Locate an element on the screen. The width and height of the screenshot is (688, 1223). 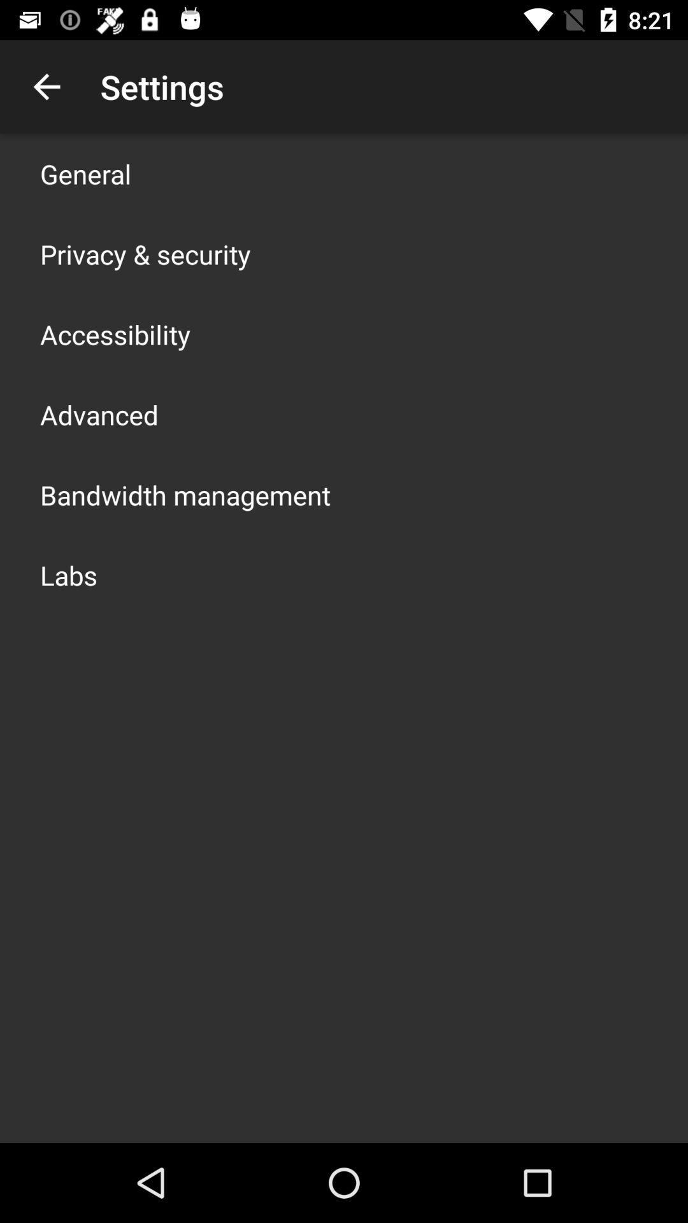
labs app is located at coordinates (69, 574).